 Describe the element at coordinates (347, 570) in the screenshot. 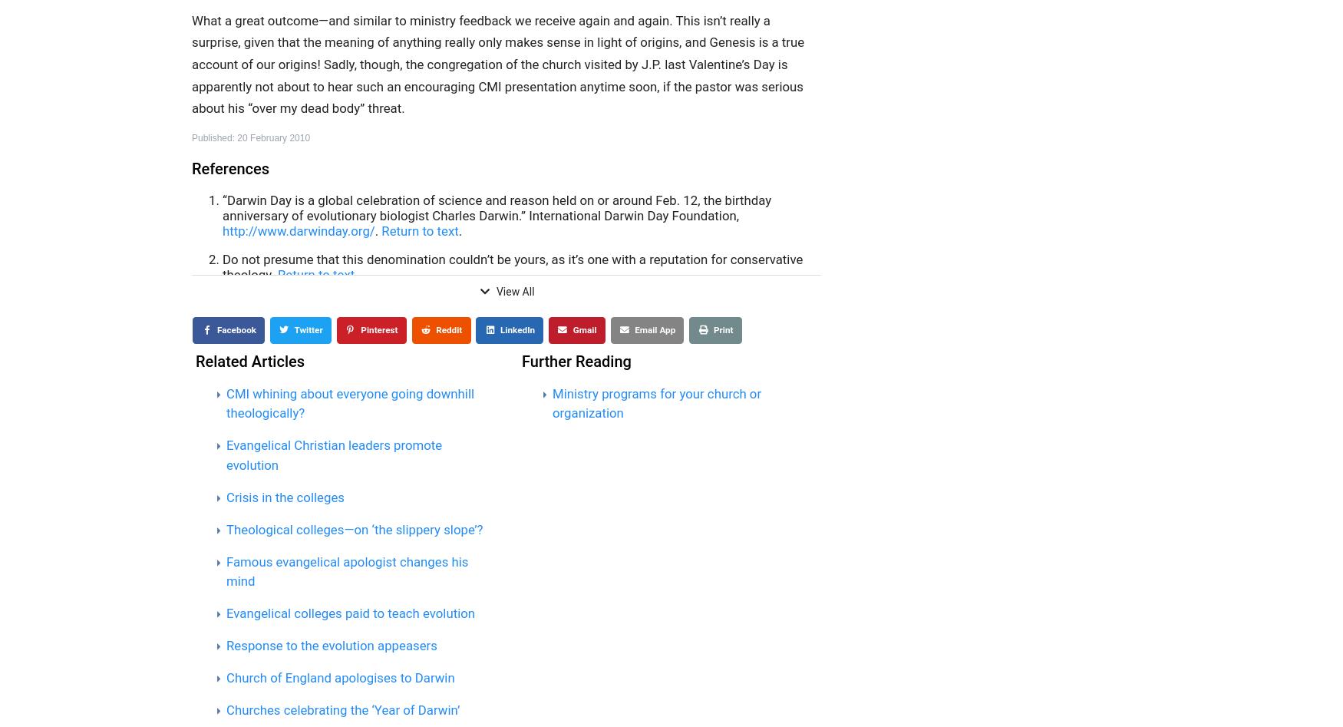

I see `'Famous evangelical apologist changes his mind'` at that location.